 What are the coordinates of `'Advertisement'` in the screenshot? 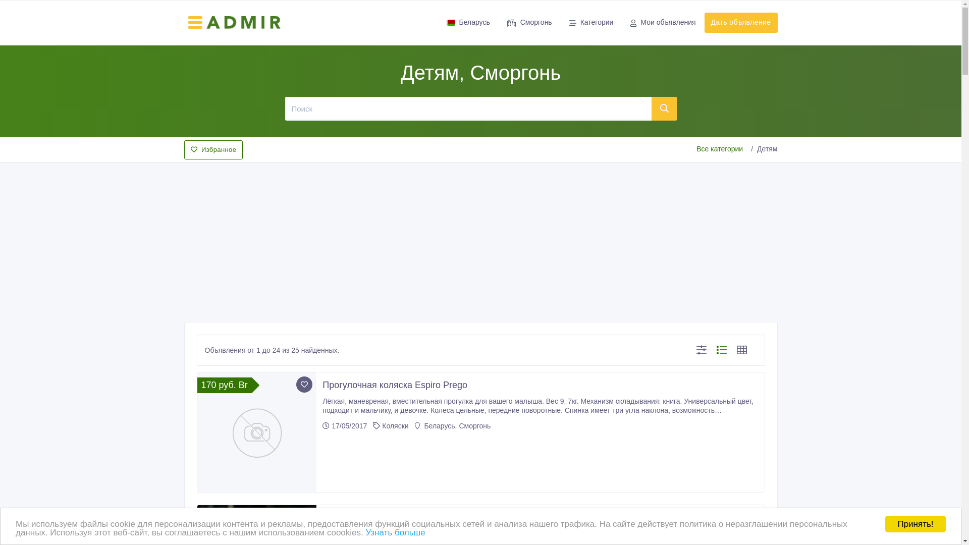 It's located at (184, 239).